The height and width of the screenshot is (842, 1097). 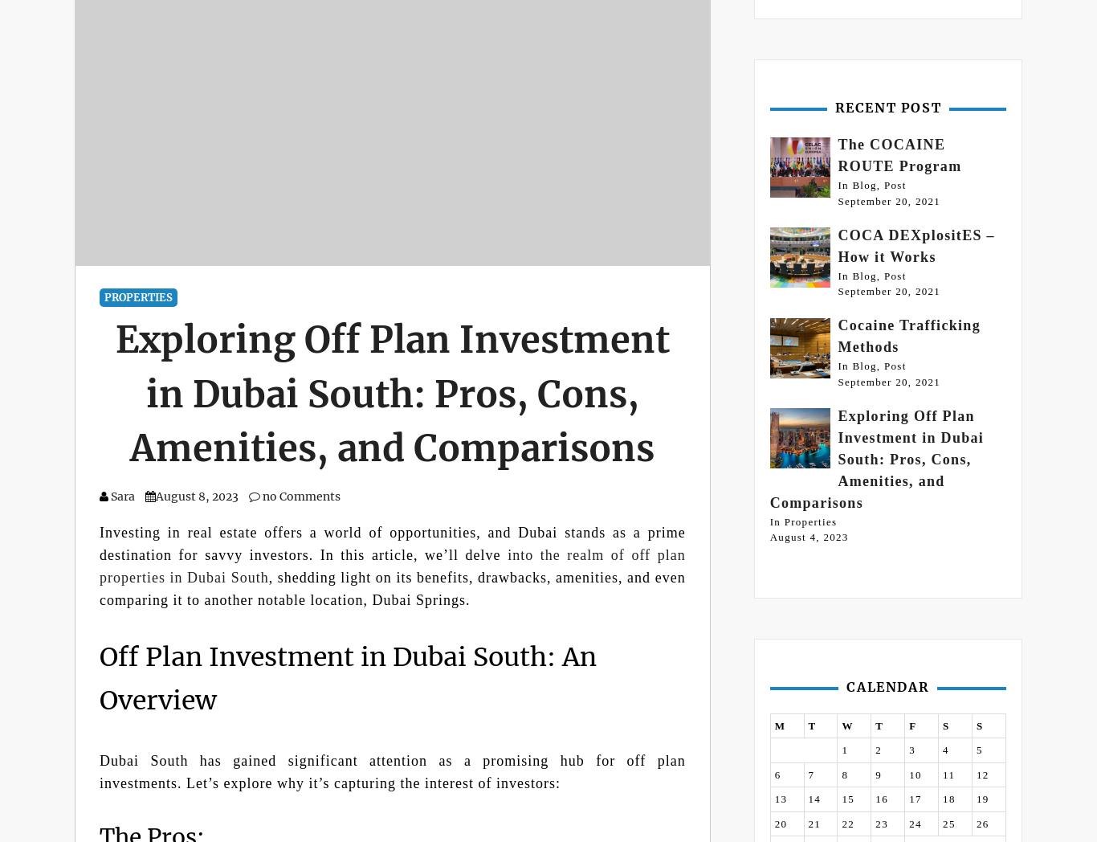 What do you see at coordinates (392, 565) in the screenshot?
I see `'into the realm of off plan properties in Dubai South'` at bounding box center [392, 565].